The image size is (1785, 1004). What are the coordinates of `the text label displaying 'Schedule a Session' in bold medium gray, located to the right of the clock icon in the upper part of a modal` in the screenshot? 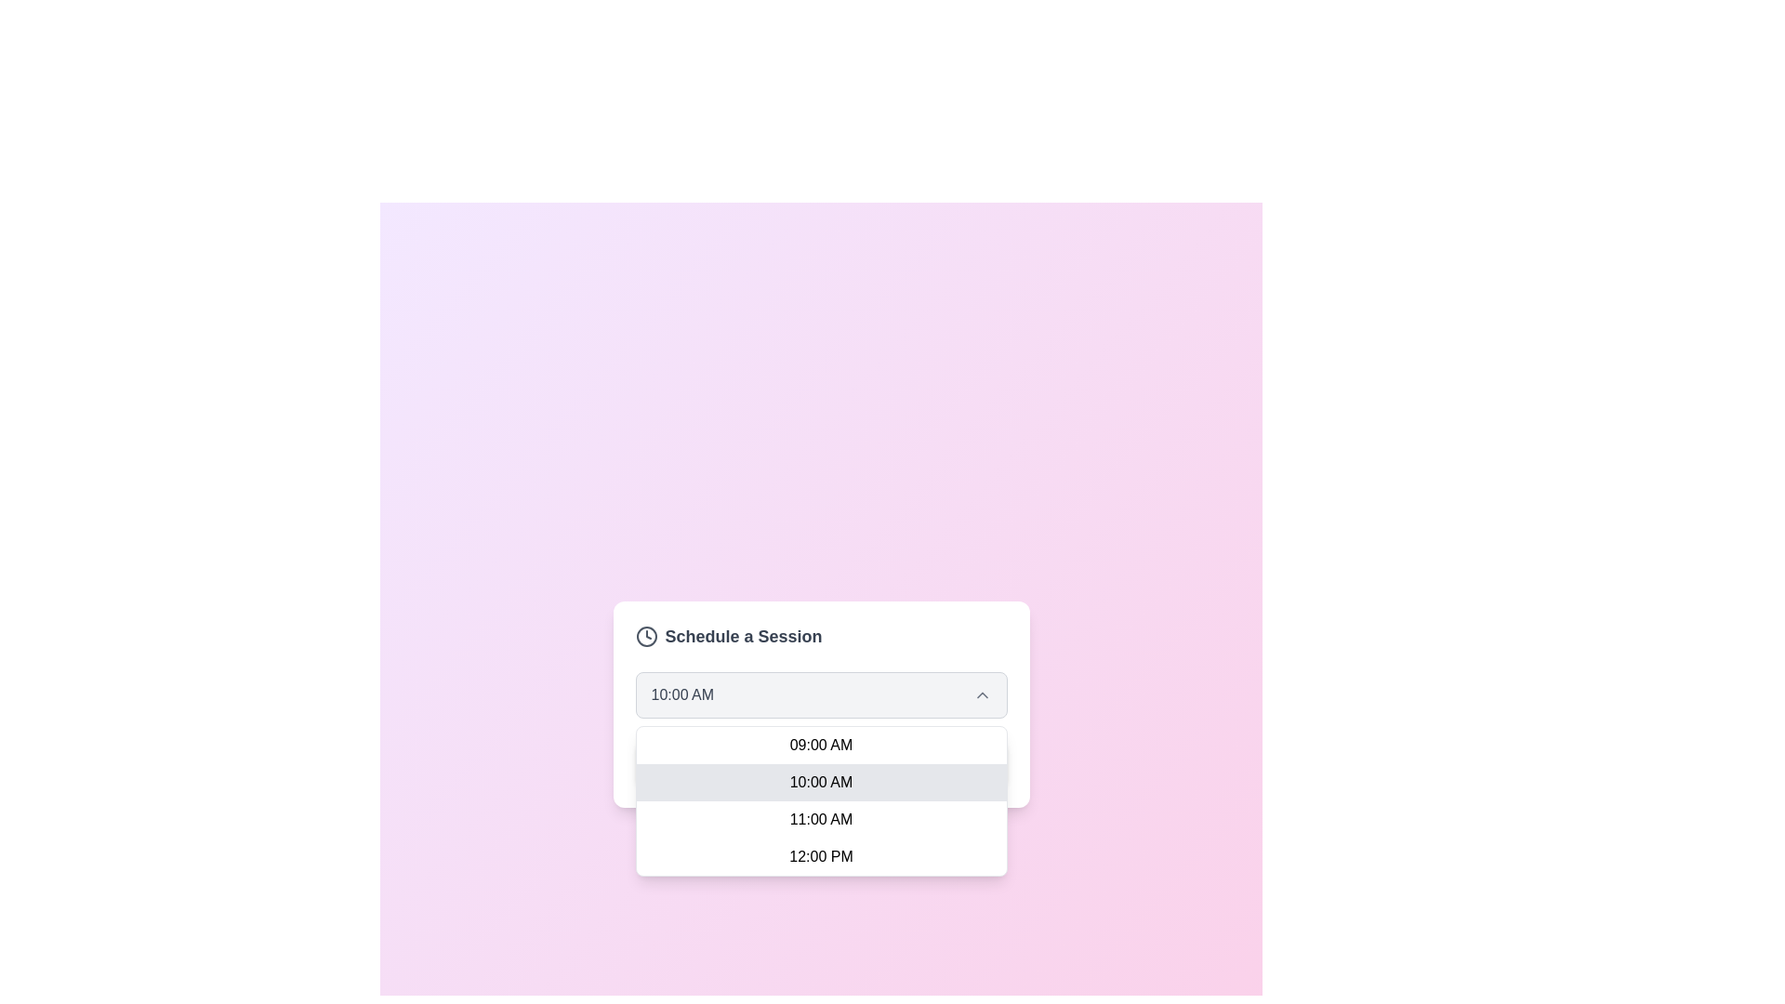 It's located at (744, 636).